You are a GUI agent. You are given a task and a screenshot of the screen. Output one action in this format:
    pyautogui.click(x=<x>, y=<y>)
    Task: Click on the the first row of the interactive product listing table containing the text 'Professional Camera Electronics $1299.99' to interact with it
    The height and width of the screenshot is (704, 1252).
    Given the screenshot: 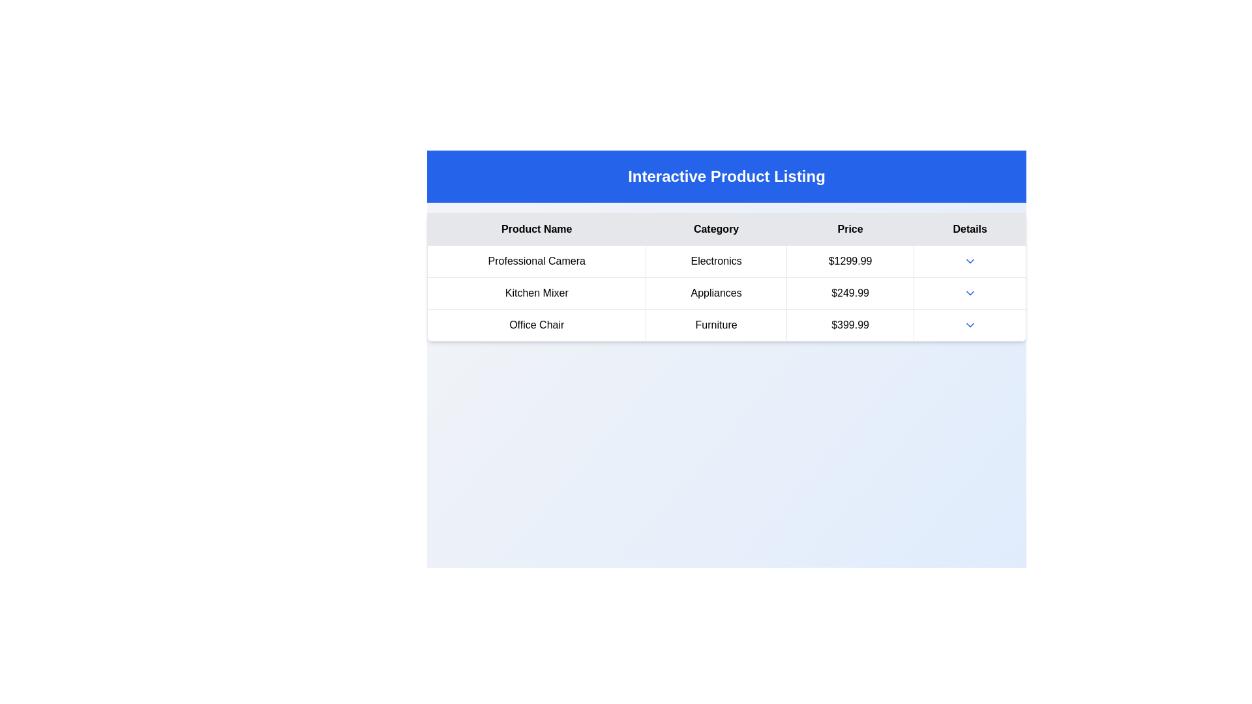 What is the action you would take?
    pyautogui.click(x=726, y=261)
    